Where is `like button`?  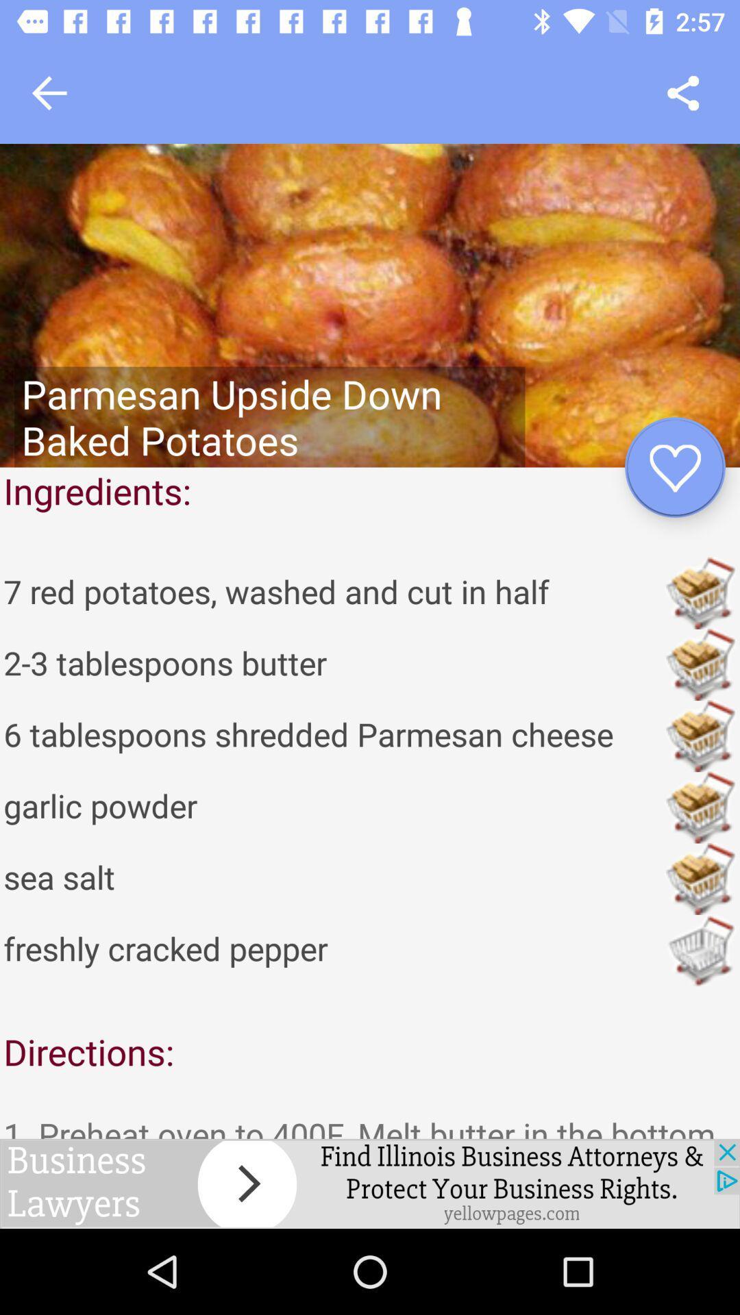
like button is located at coordinates (674, 467).